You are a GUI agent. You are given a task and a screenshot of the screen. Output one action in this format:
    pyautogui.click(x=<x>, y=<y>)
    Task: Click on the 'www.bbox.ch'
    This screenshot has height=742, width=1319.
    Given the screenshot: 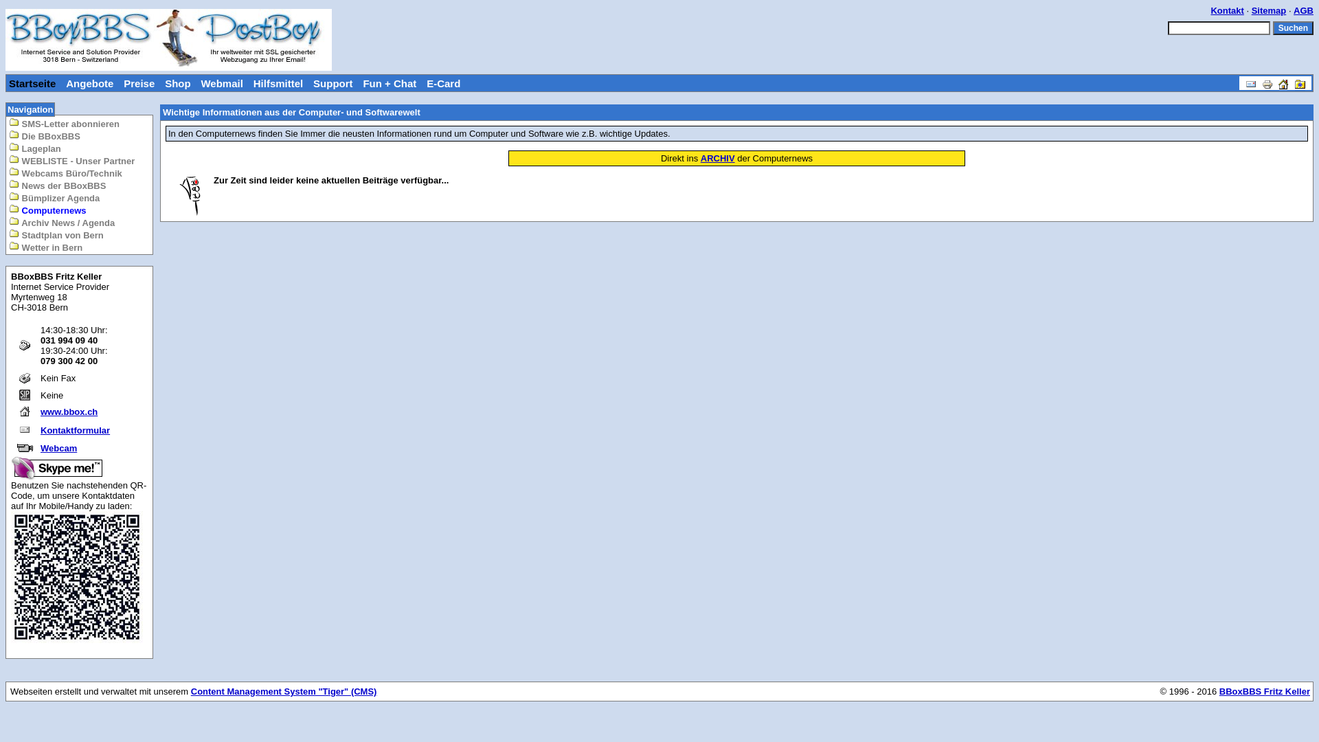 What is the action you would take?
    pyautogui.click(x=68, y=411)
    